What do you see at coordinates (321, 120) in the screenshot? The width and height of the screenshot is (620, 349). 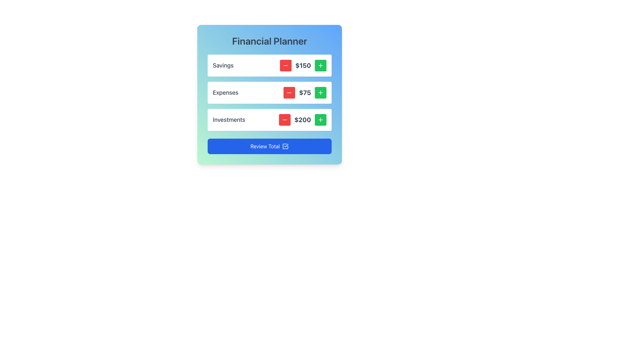 I see `the green button in the 'Investments' row located to the far right of the text '$200' to increment the 'Investments' value` at bounding box center [321, 120].